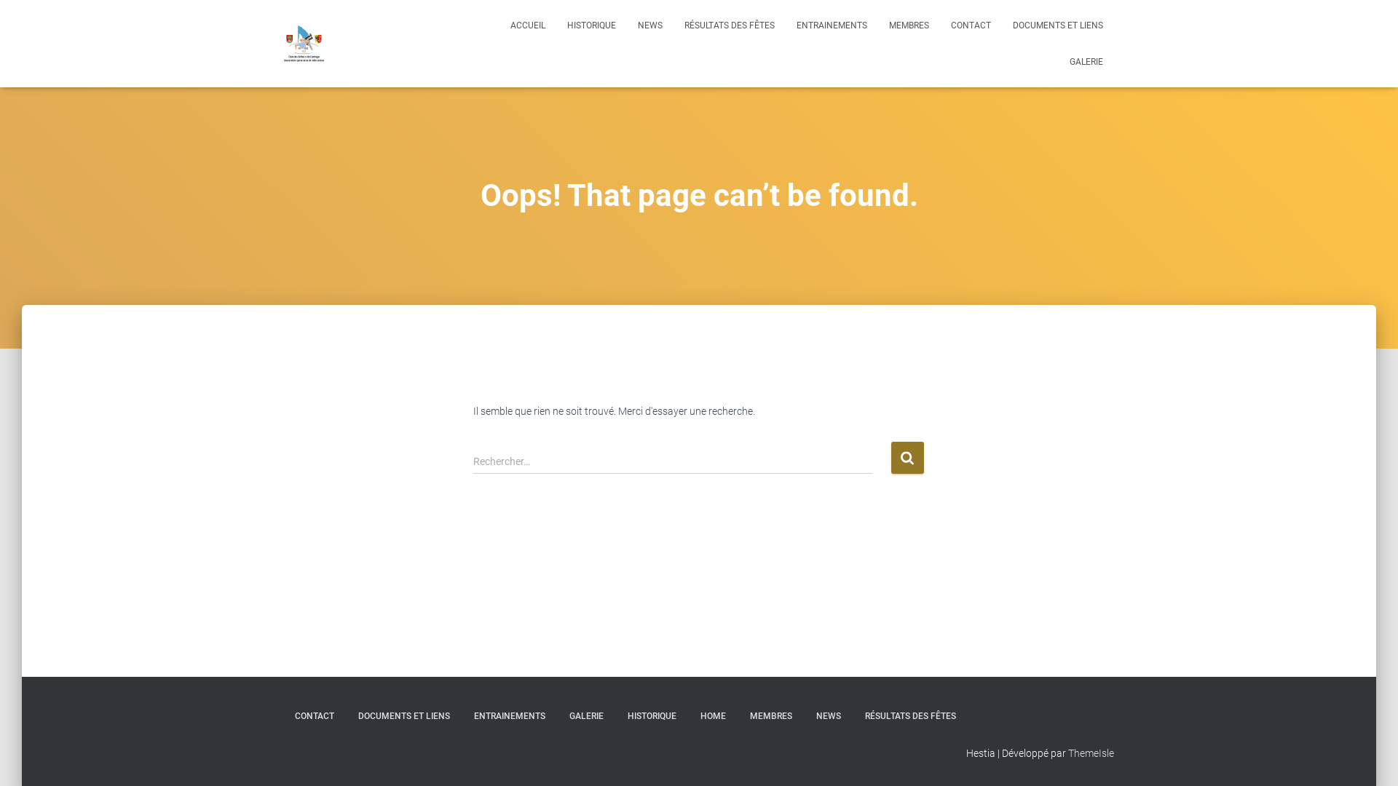  What do you see at coordinates (971, 25) in the screenshot?
I see `'CONTACT'` at bounding box center [971, 25].